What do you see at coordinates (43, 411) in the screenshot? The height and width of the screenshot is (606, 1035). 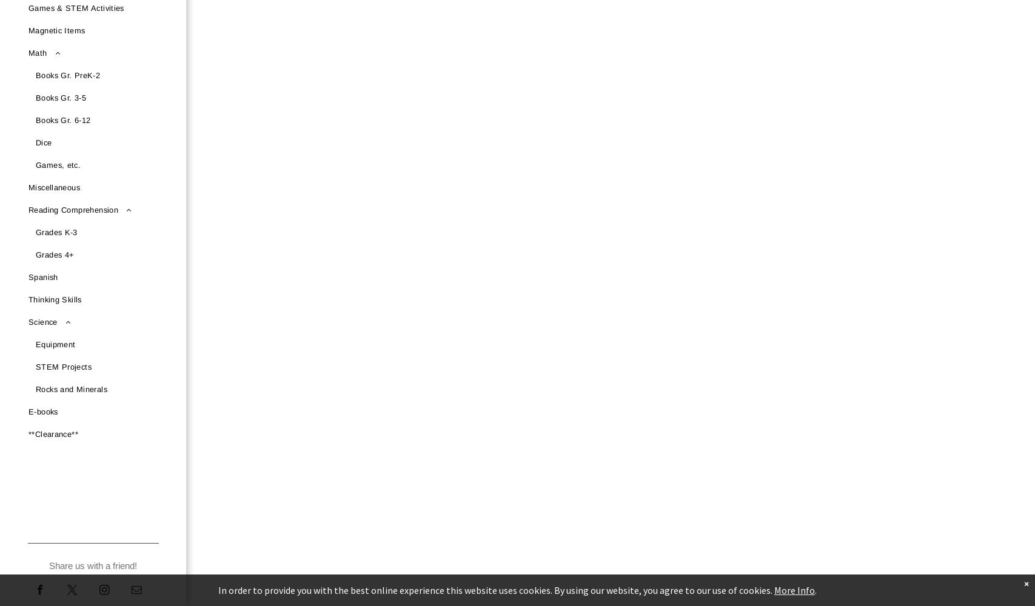 I see `'E-books'` at bounding box center [43, 411].